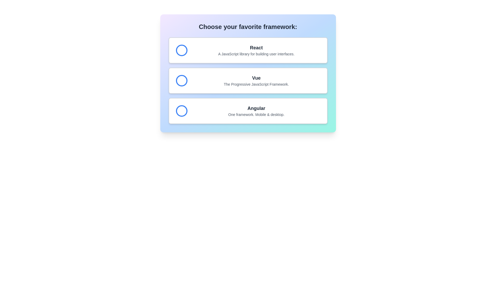 This screenshot has width=502, height=282. What do you see at coordinates (181, 50) in the screenshot?
I see `the first radio button in the 'React' selection box for keyboard navigation` at bounding box center [181, 50].